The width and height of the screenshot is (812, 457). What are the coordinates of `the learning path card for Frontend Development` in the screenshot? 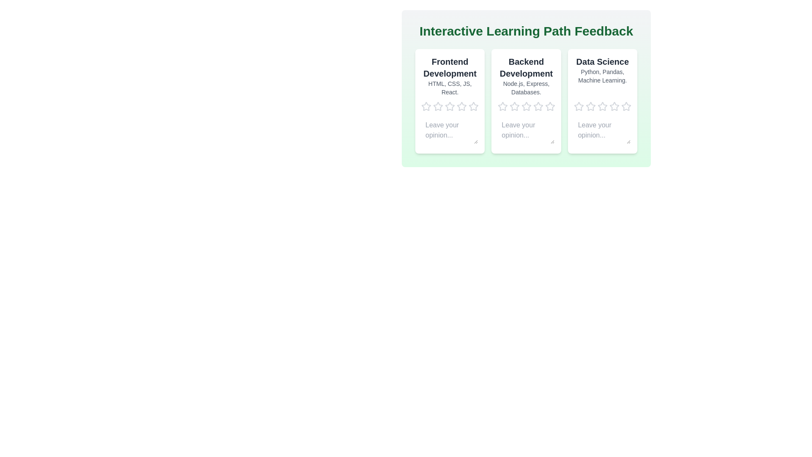 It's located at (450, 101).